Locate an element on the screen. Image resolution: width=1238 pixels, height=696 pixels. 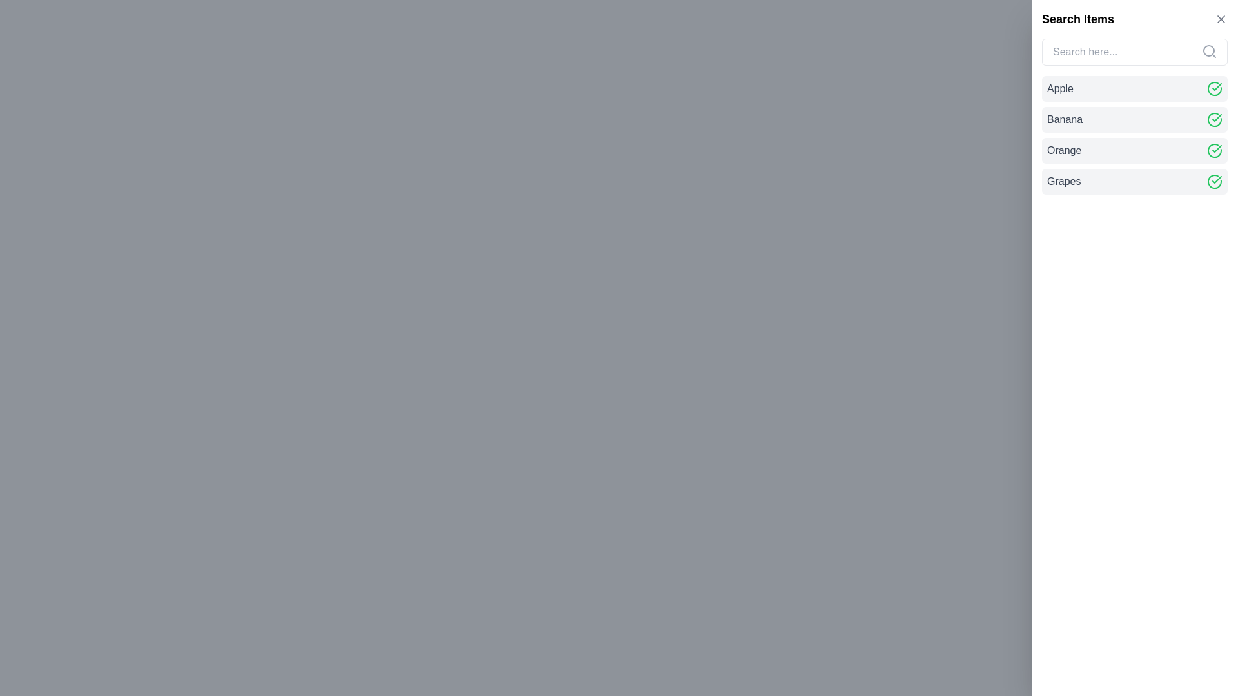
the verification icon located at the top-right corner of the 'Apple' list item to indicate selection is located at coordinates (1213, 88).